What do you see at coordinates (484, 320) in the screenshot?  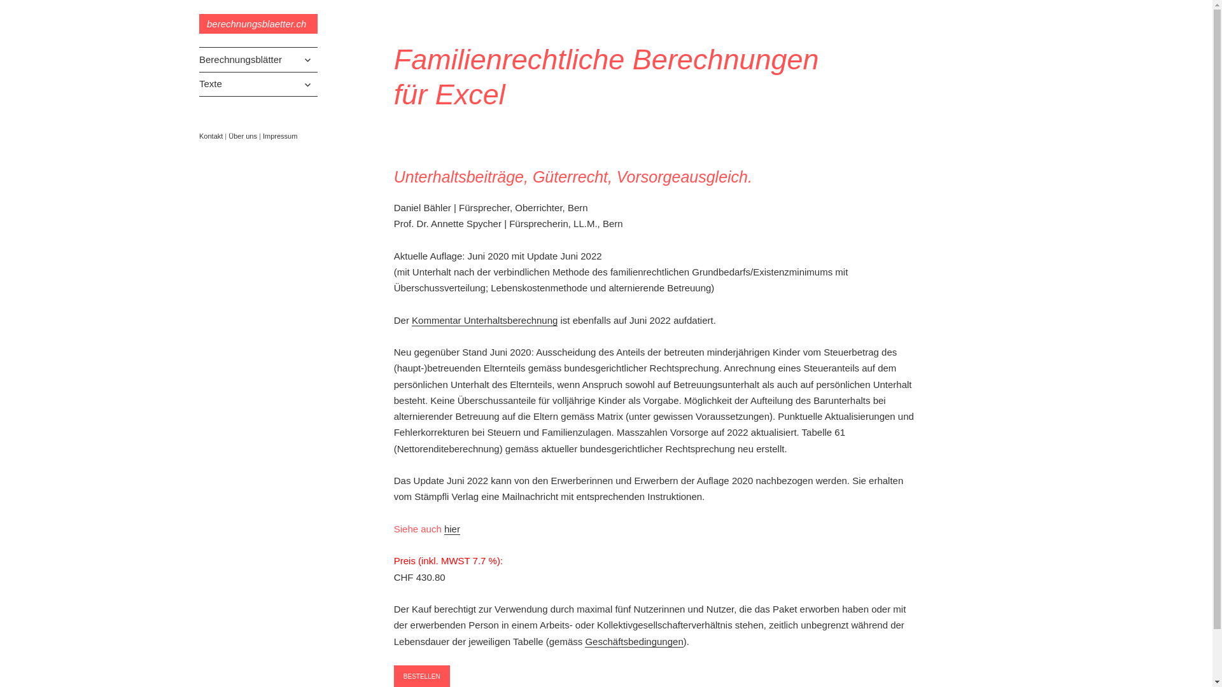 I see `'Kommentar Unterhaltsberechnung'` at bounding box center [484, 320].